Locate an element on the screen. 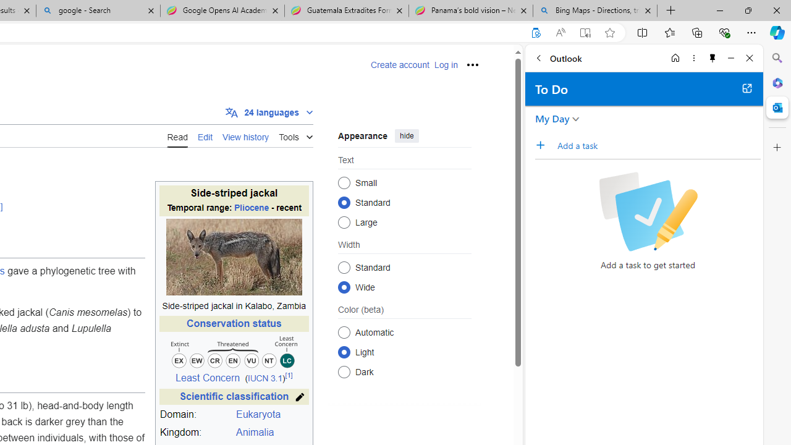 The height and width of the screenshot is (445, 791). 'Pliocene' is located at coordinates (251, 207).